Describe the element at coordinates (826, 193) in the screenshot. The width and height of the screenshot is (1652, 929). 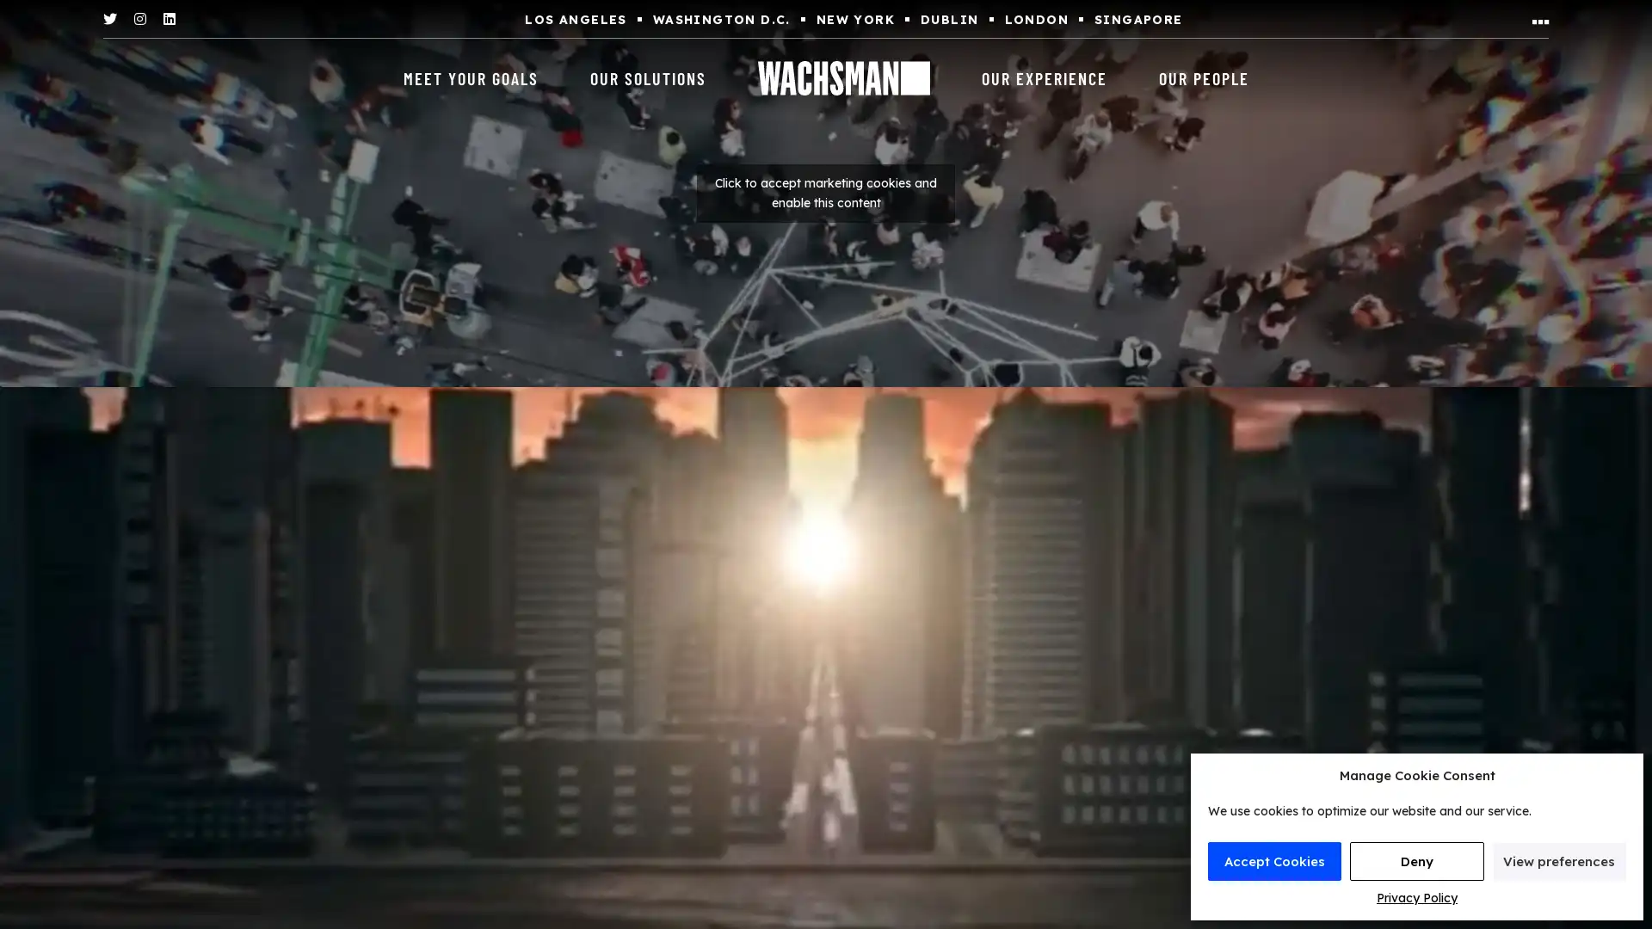
I see `youtube` at that location.